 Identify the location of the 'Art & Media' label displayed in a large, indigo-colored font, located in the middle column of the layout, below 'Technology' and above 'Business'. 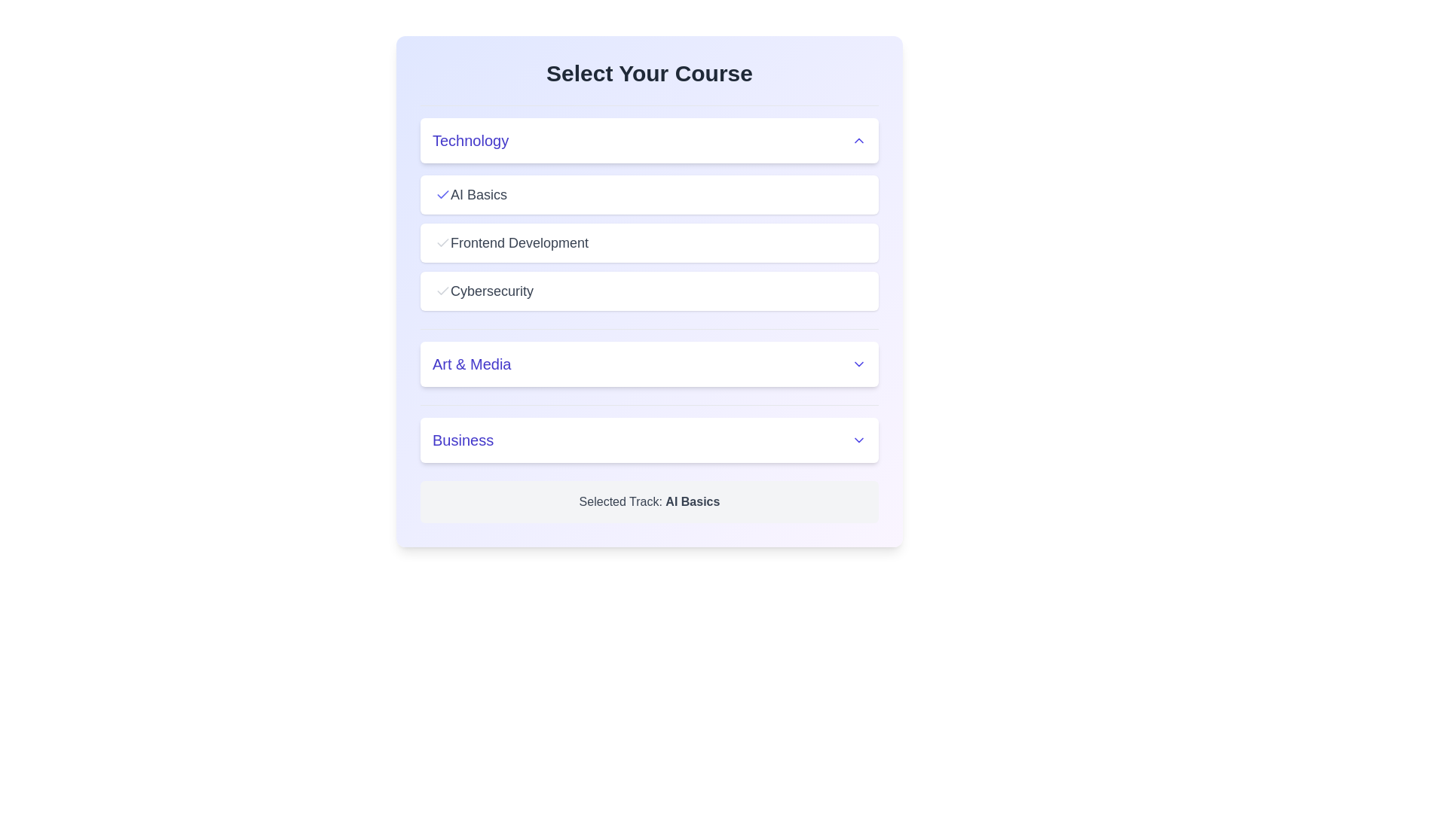
(471, 364).